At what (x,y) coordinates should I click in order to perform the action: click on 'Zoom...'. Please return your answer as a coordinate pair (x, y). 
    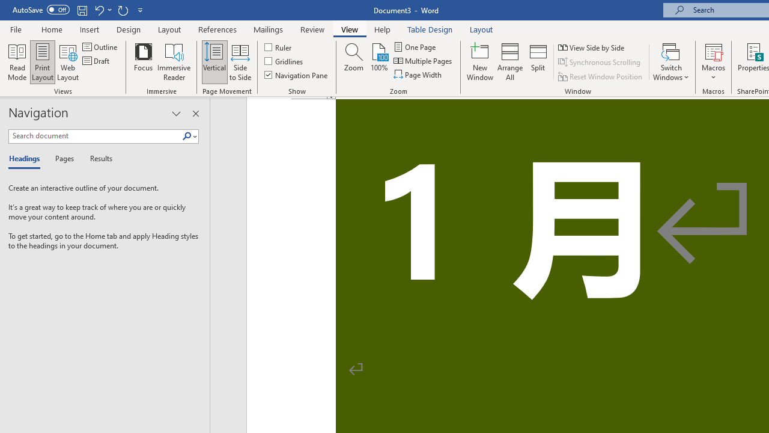
    Looking at the image, I should click on (353, 62).